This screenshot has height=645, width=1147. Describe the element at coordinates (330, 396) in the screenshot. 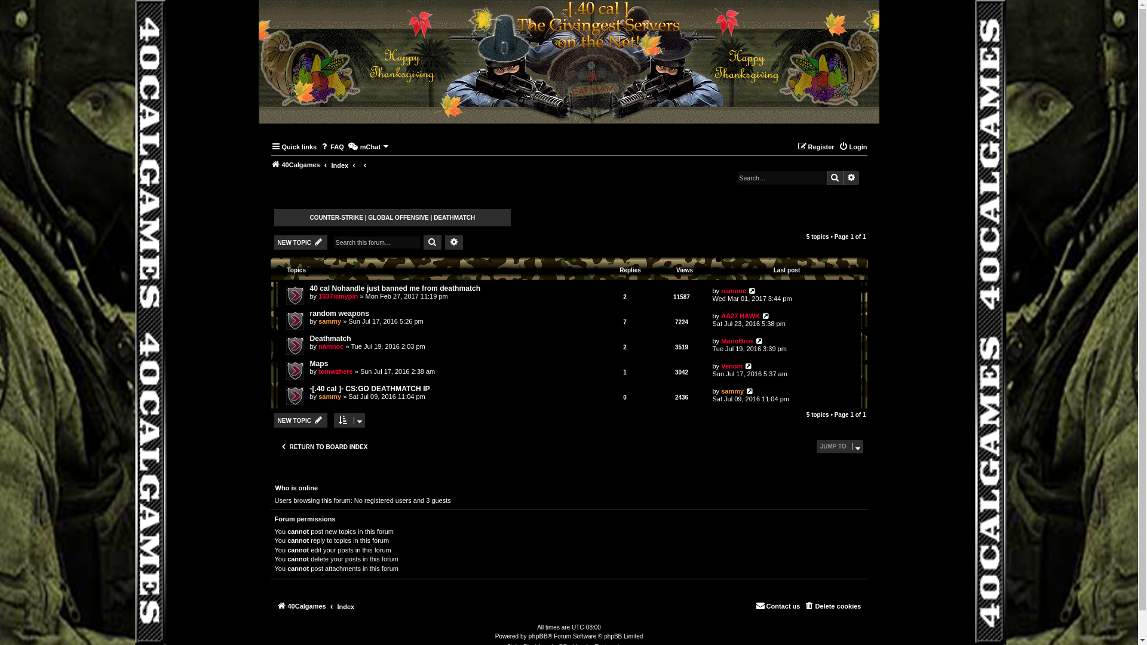

I see `'sammy'` at that location.